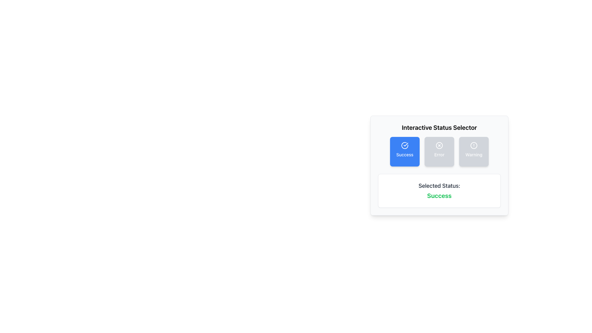 The height and width of the screenshot is (333, 592). Describe the element at coordinates (473, 154) in the screenshot. I see `the 'Warning' status text label, which is located beneath the warning icon and is the third option in a horizontal layout of status descriptors` at that location.